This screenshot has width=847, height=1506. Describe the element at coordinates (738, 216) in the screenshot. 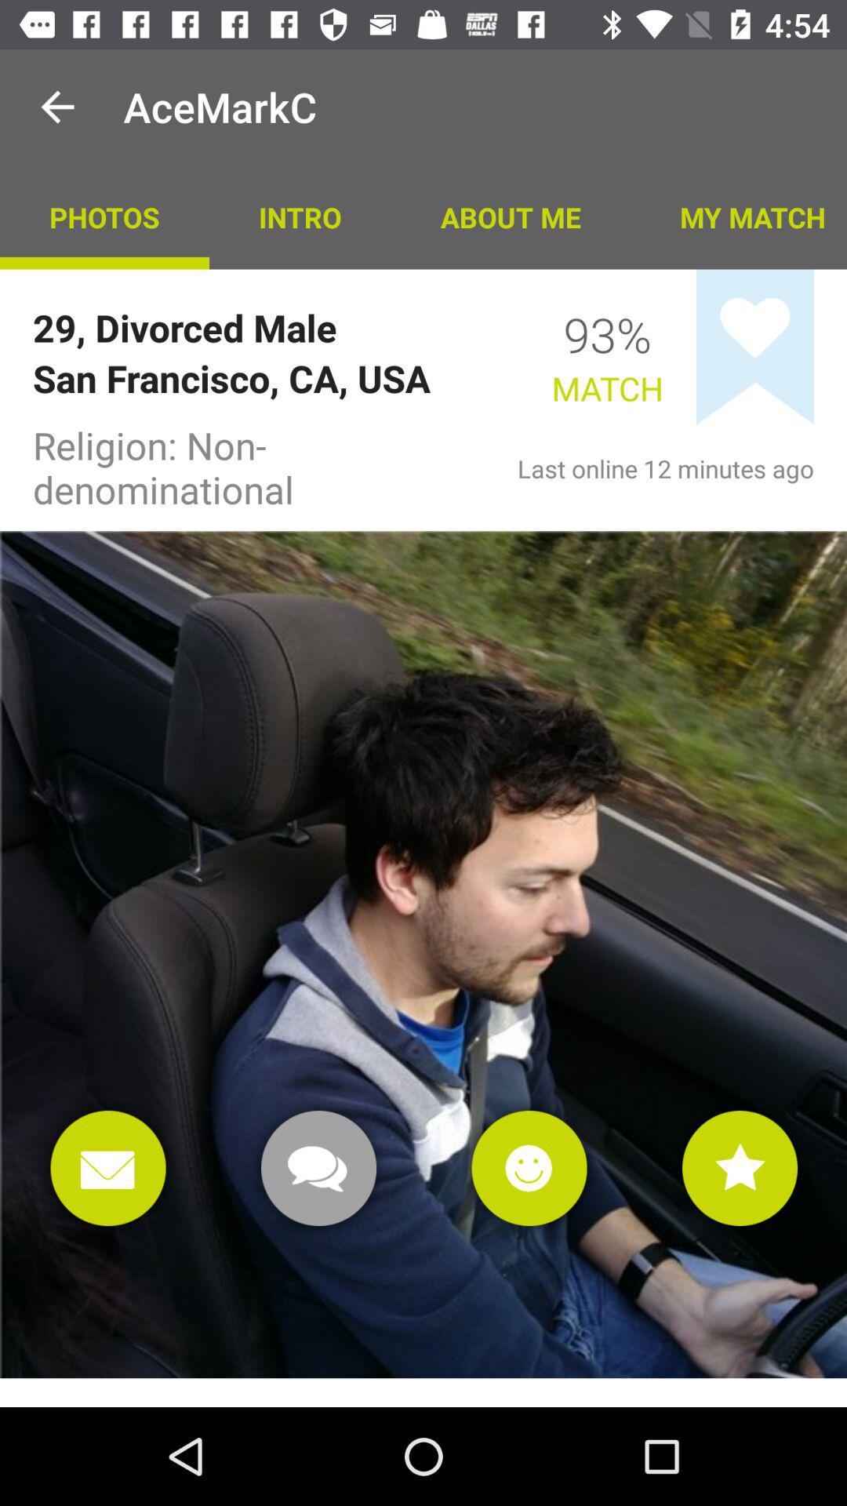

I see `my match app` at that location.